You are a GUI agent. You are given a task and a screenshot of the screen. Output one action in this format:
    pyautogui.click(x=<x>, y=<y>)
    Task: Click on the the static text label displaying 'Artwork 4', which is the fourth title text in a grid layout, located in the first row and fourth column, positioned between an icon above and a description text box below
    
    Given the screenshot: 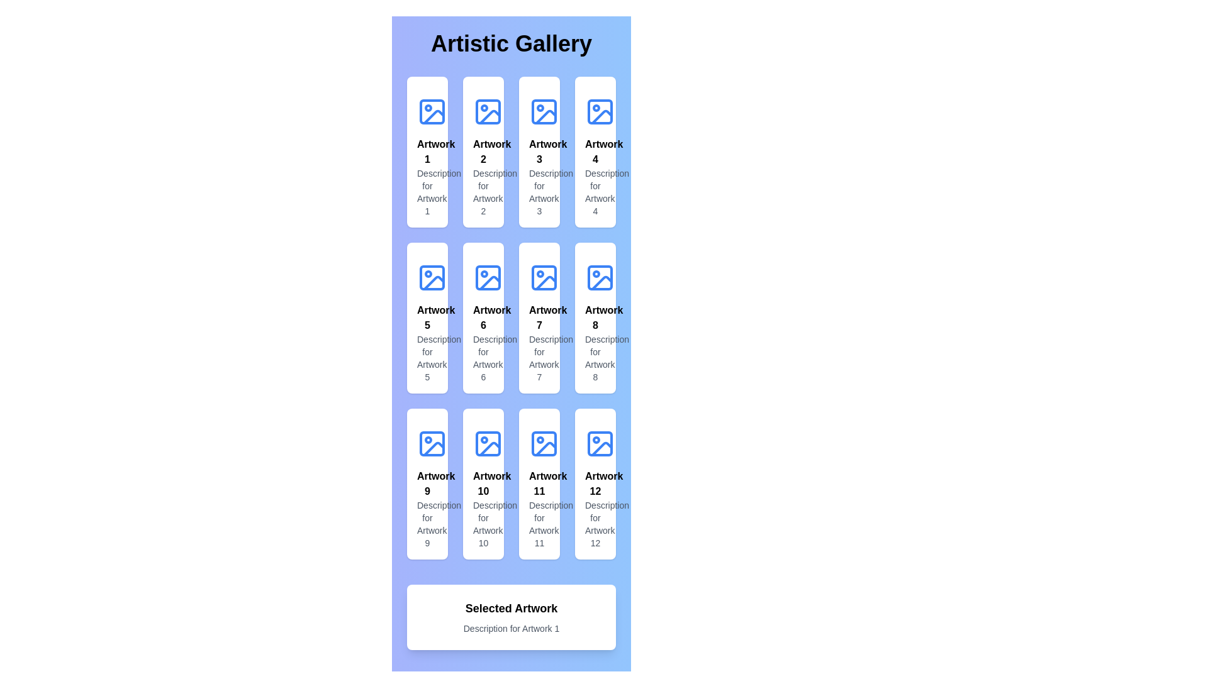 What is the action you would take?
    pyautogui.click(x=595, y=152)
    